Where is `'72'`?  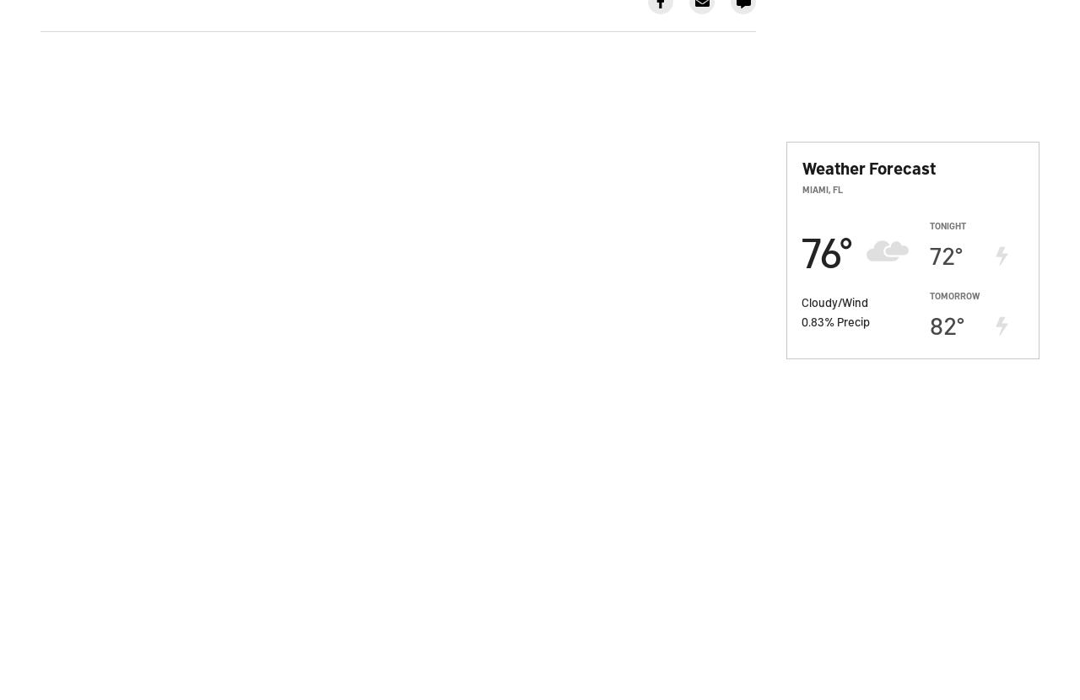 '72' is located at coordinates (942, 253).